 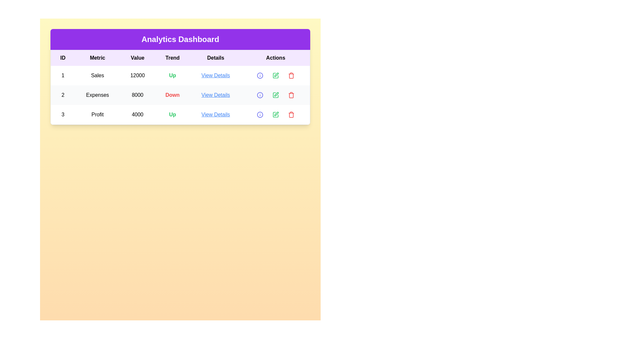 I want to click on the Icon Button in the third column under 'Actions' for the 'Profit' entry to enable keyboard accessibility options, so click(x=291, y=75).